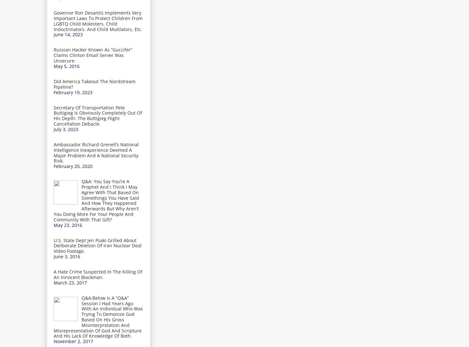 Image resolution: width=469 pixels, height=347 pixels. What do you see at coordinates (53, 20) in the screenshot?
I see `'Governor Ron Desantis Implements Very Important Laws To Protect Children From LGBTQ Child Molesters. Child Indoctrinators. And Child Mutilators, Etc.'` at bounding box center [53, 20].